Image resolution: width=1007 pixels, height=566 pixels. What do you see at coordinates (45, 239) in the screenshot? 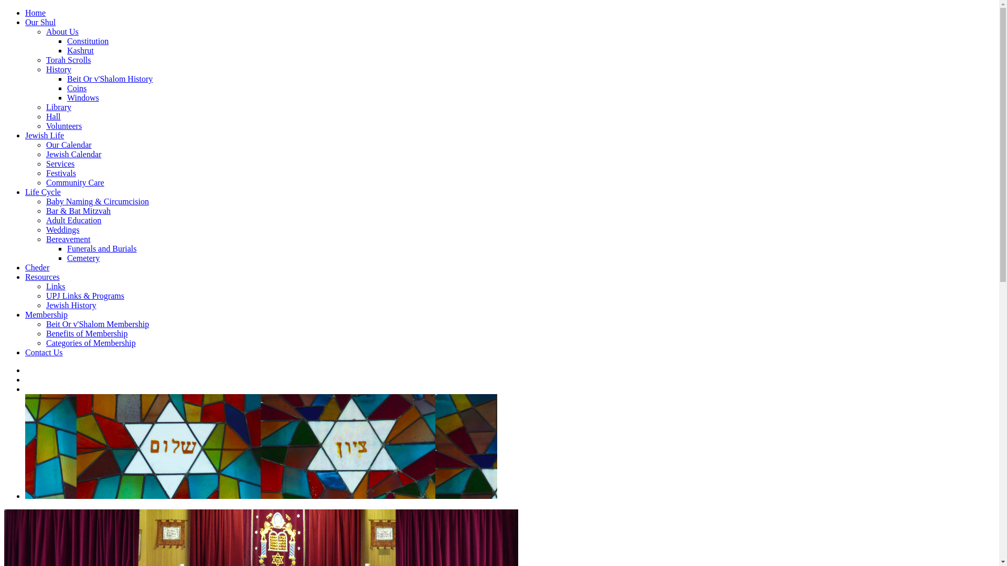
I see `'Bereavement'` at bounding box center [45, 239].